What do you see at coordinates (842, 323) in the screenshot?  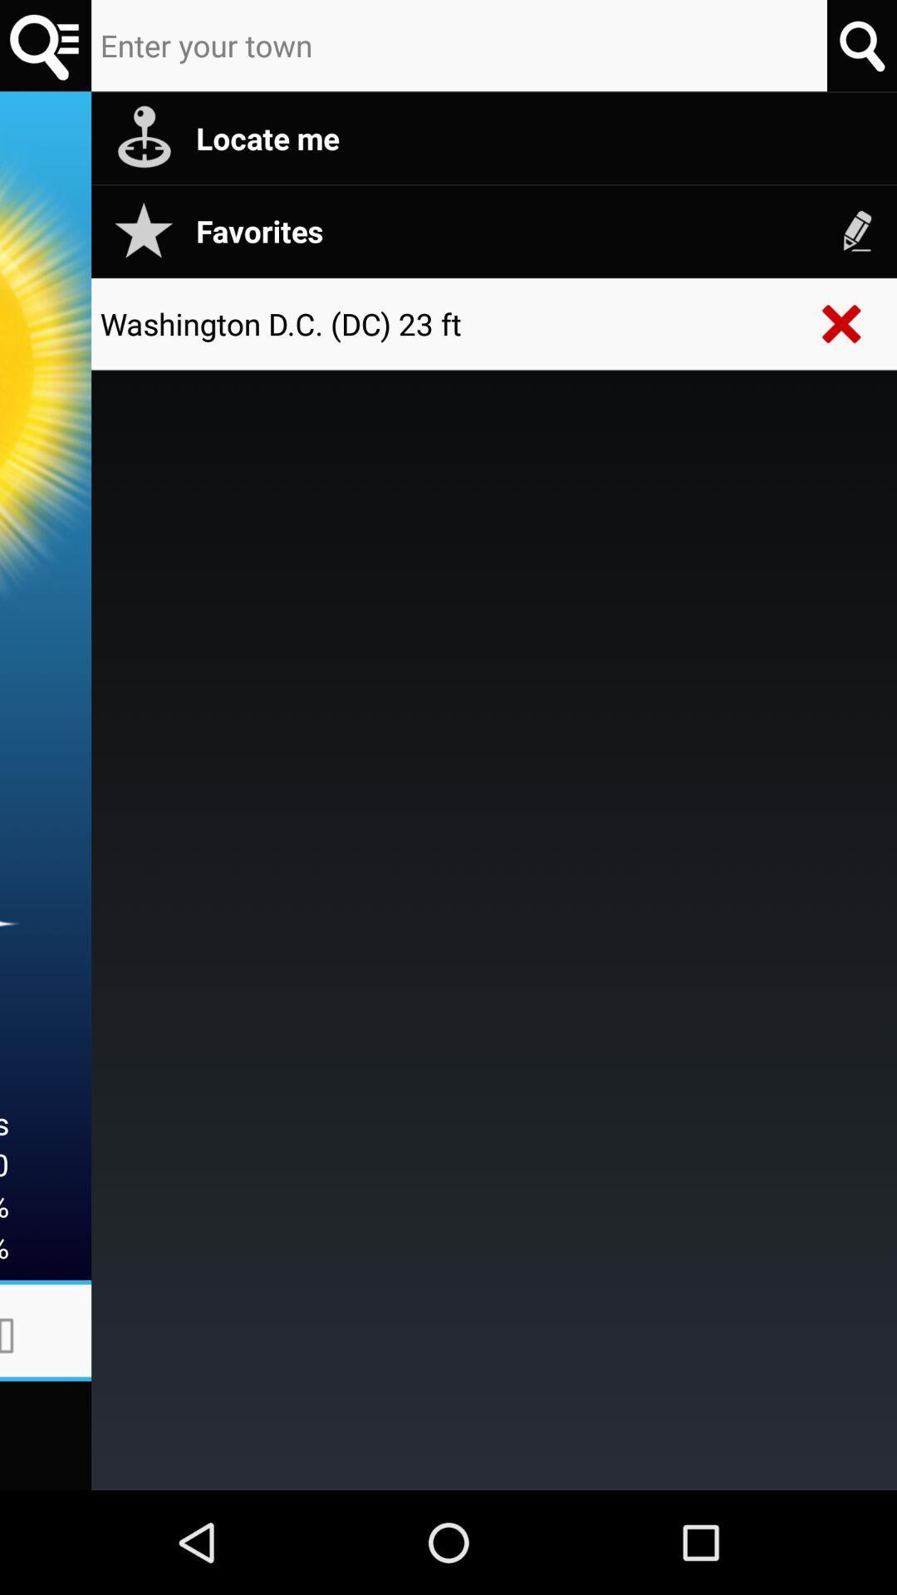 I see `the icon next to the washington d c app` at bounding box center [842, 323].